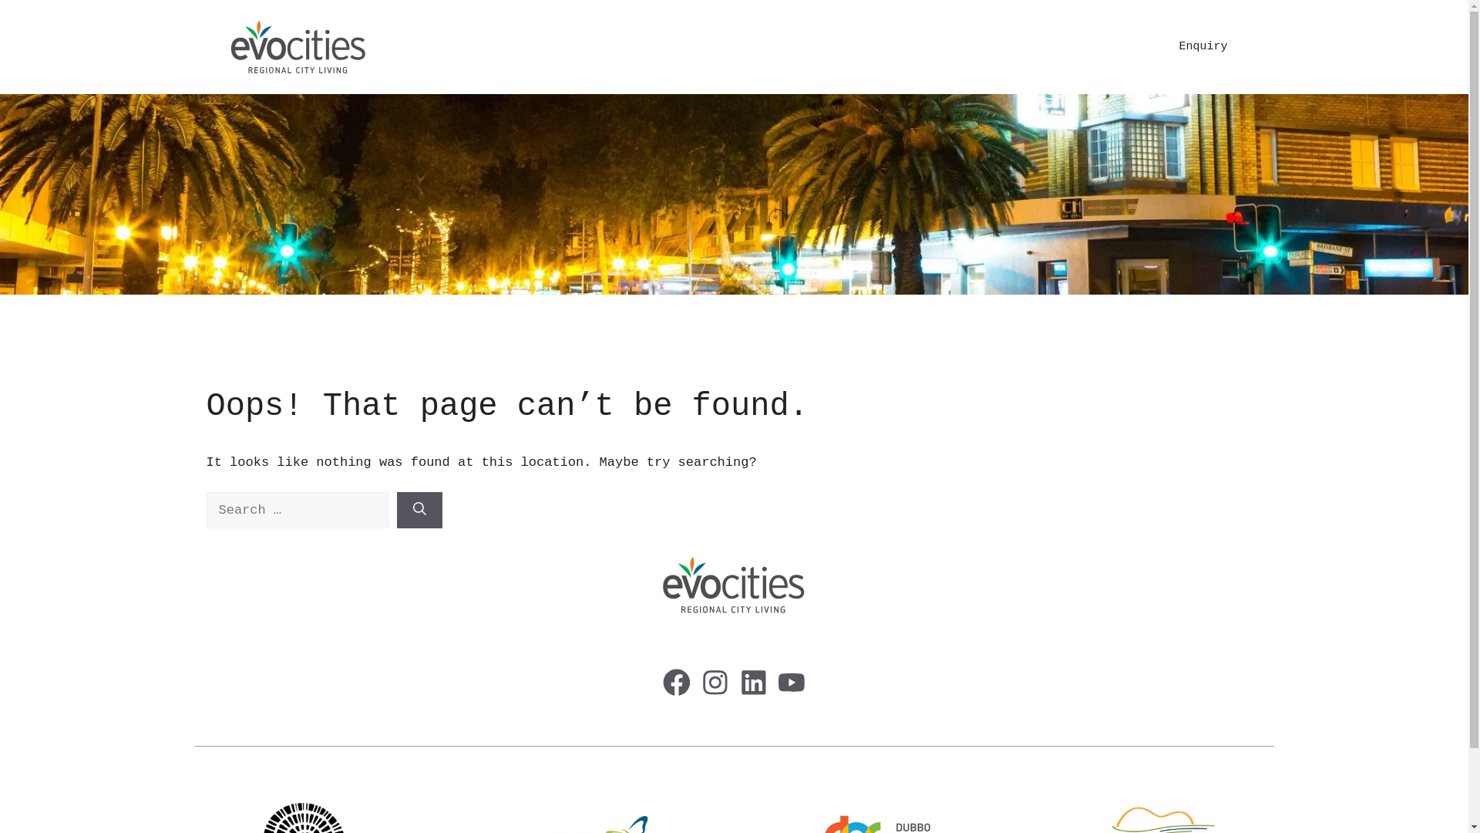 The height and width of the screenshot is (833, 1480). Describe the element at coordinates (298, 511) in the screenshot. I see `'Search for:'` at that location.